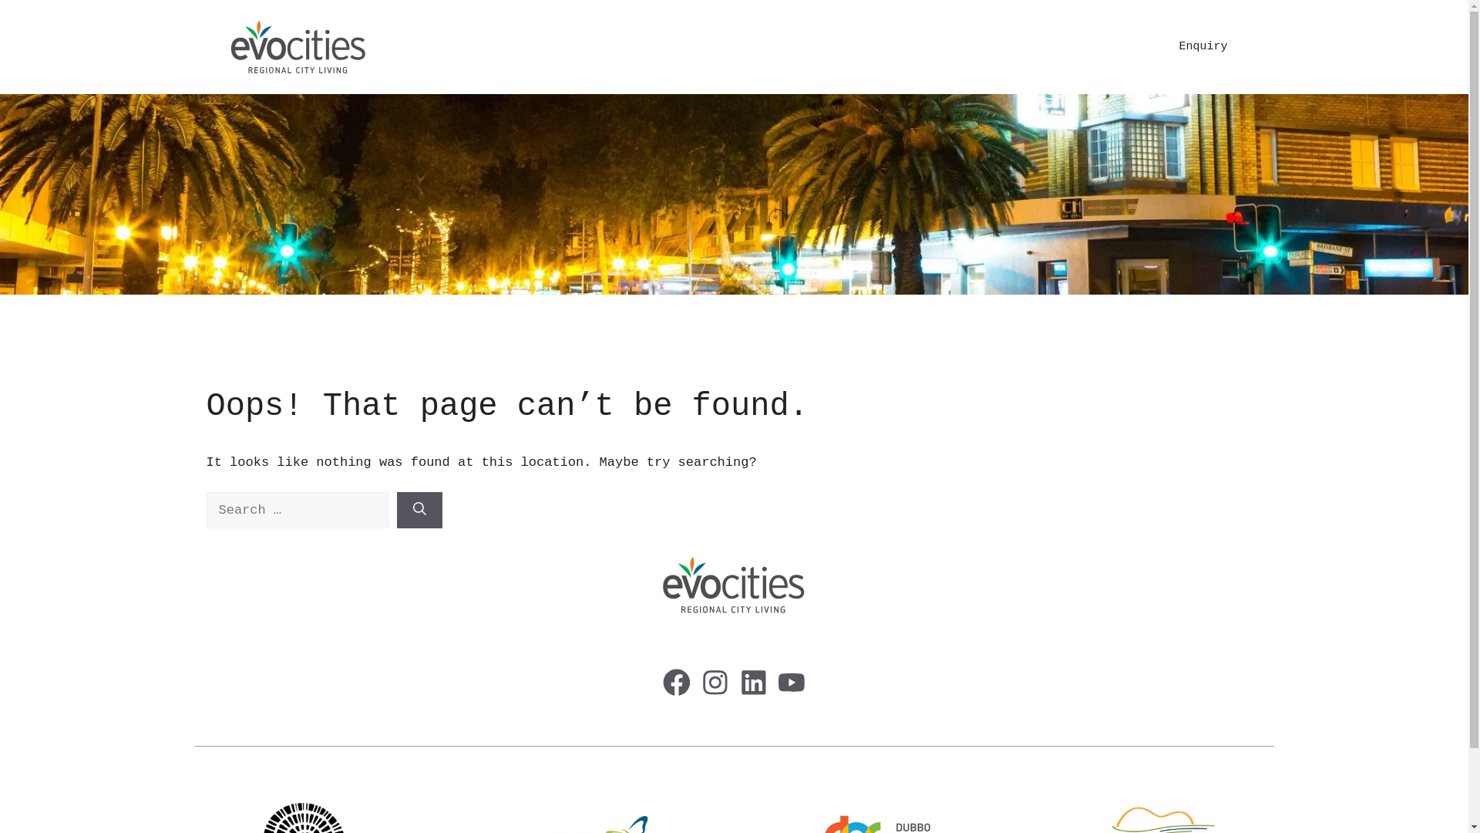 The height and width of the screenshot is (833, 1480). Describe the element at coordinates (298, 511) in the screenshot. I see `'Search for:'` at that location.